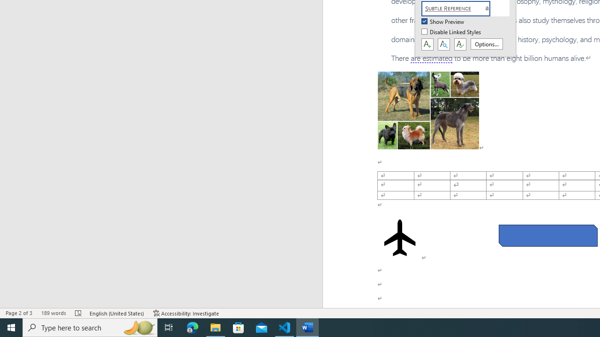 The width and height of the screenshot is (600, 337). I want to click on 'Page Number Page 2 of 3', so click(19, 313).